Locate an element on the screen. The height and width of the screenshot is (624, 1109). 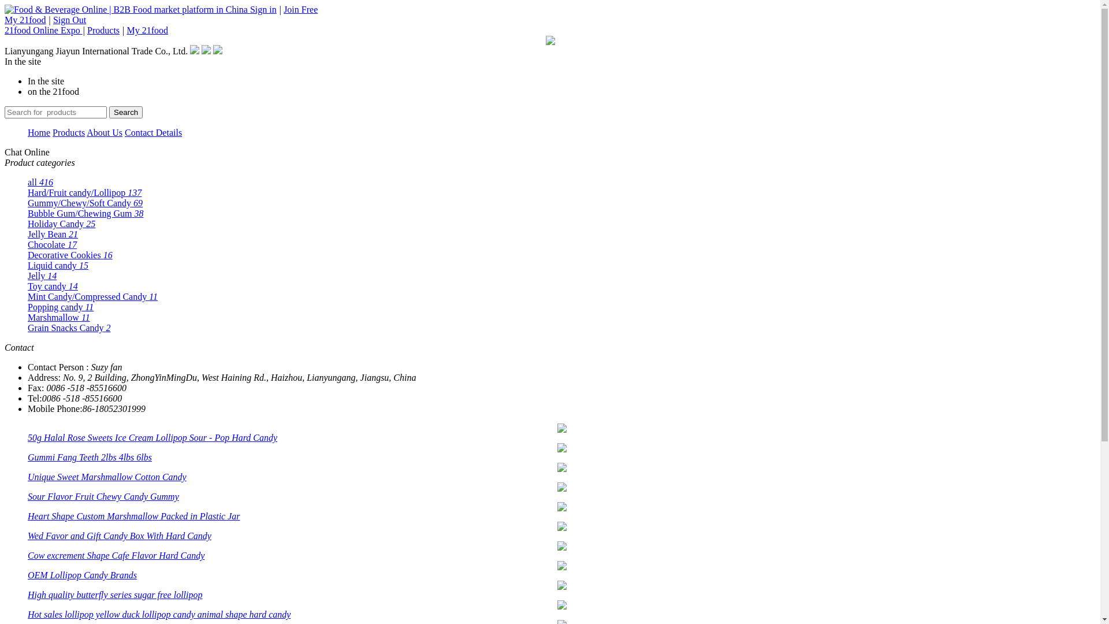
'Chocolate 17' is located at coordinates (51, 244).